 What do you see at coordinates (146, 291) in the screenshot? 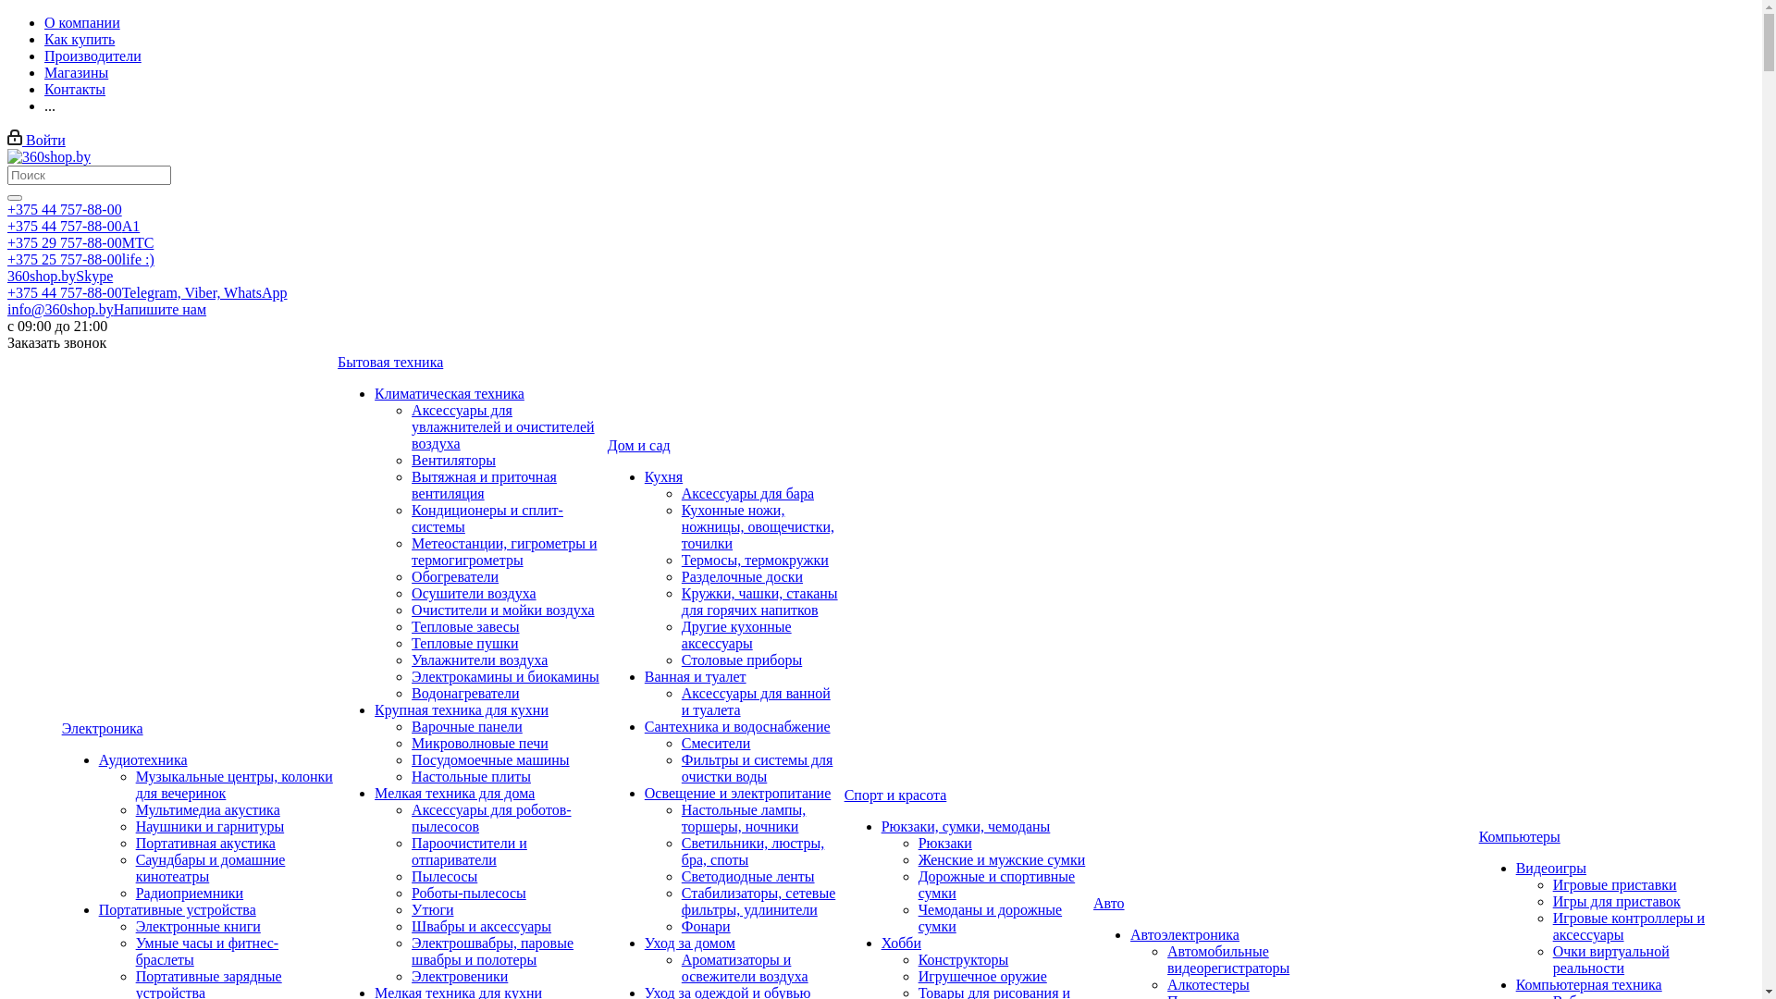
I see `'+375 44 757-88-00Telegram, Viber, WhatsApp'` at bounding box center [146, 291].